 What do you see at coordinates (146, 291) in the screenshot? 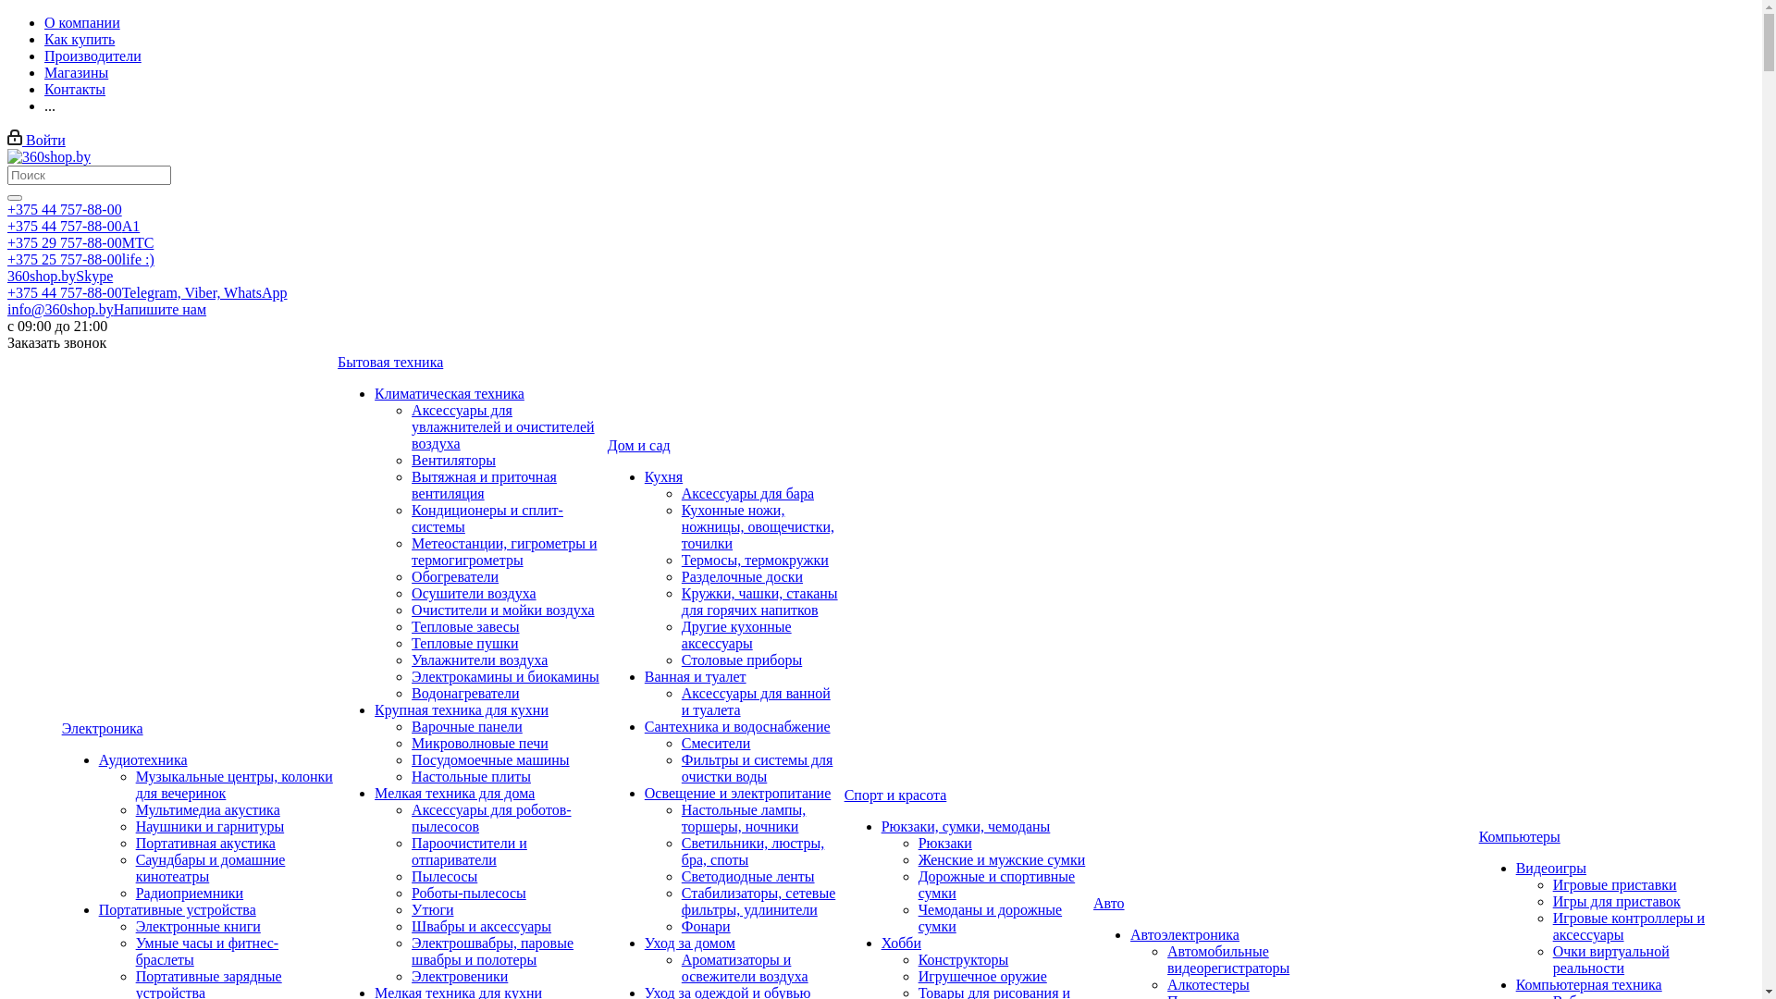
I see `'+375 44 757-88-00Telegram, Viber, WhatsApp'` at bounding box center [146, 291].